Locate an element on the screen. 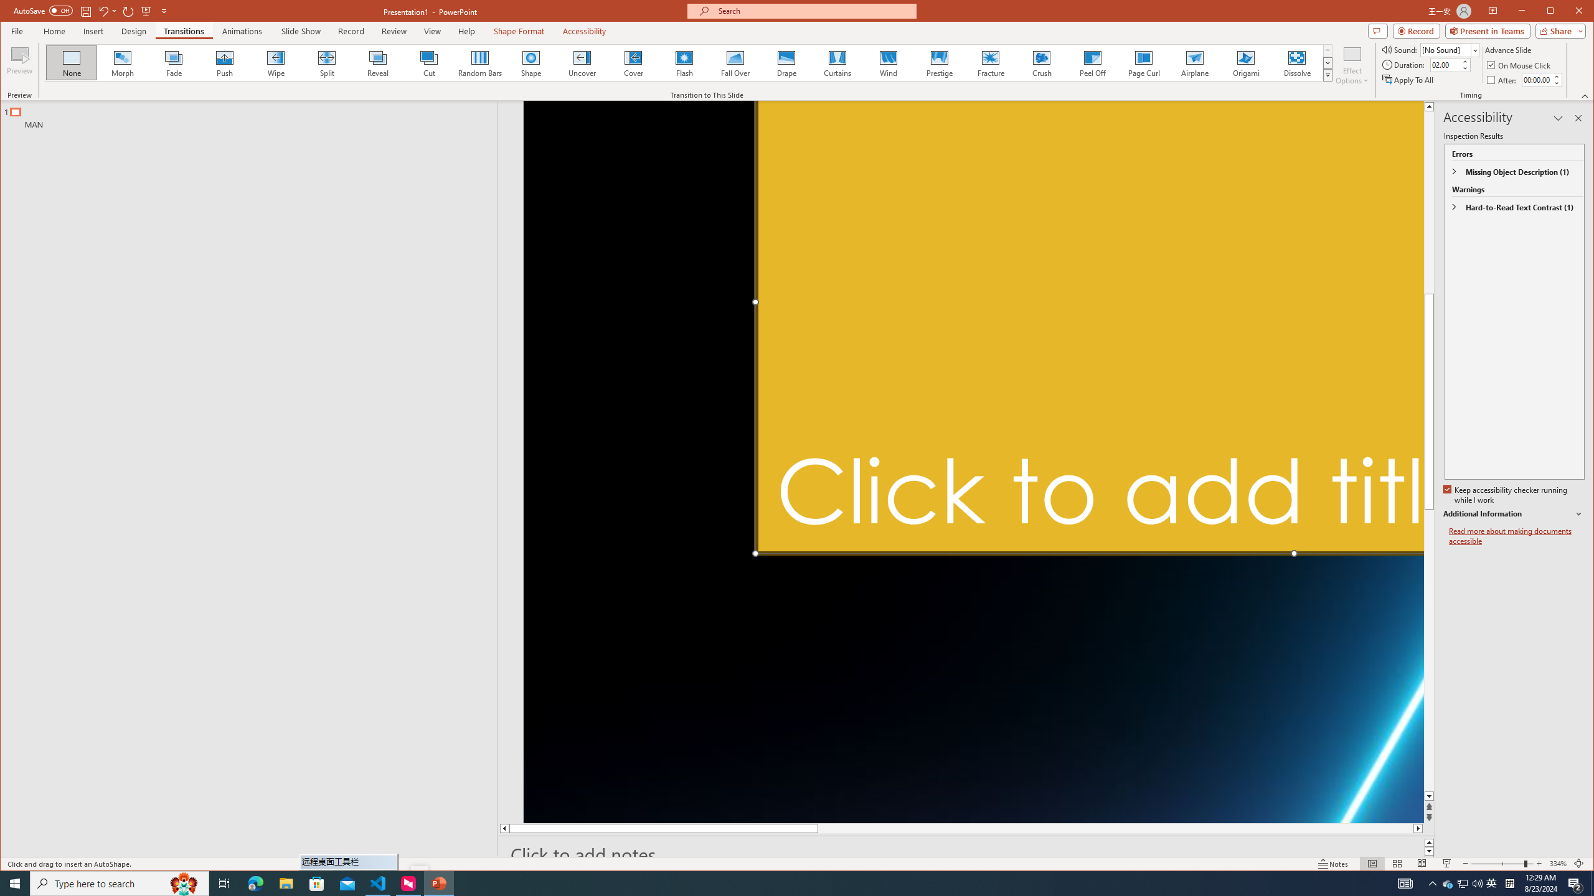  'Shape' is located at coordinates (530, 62).